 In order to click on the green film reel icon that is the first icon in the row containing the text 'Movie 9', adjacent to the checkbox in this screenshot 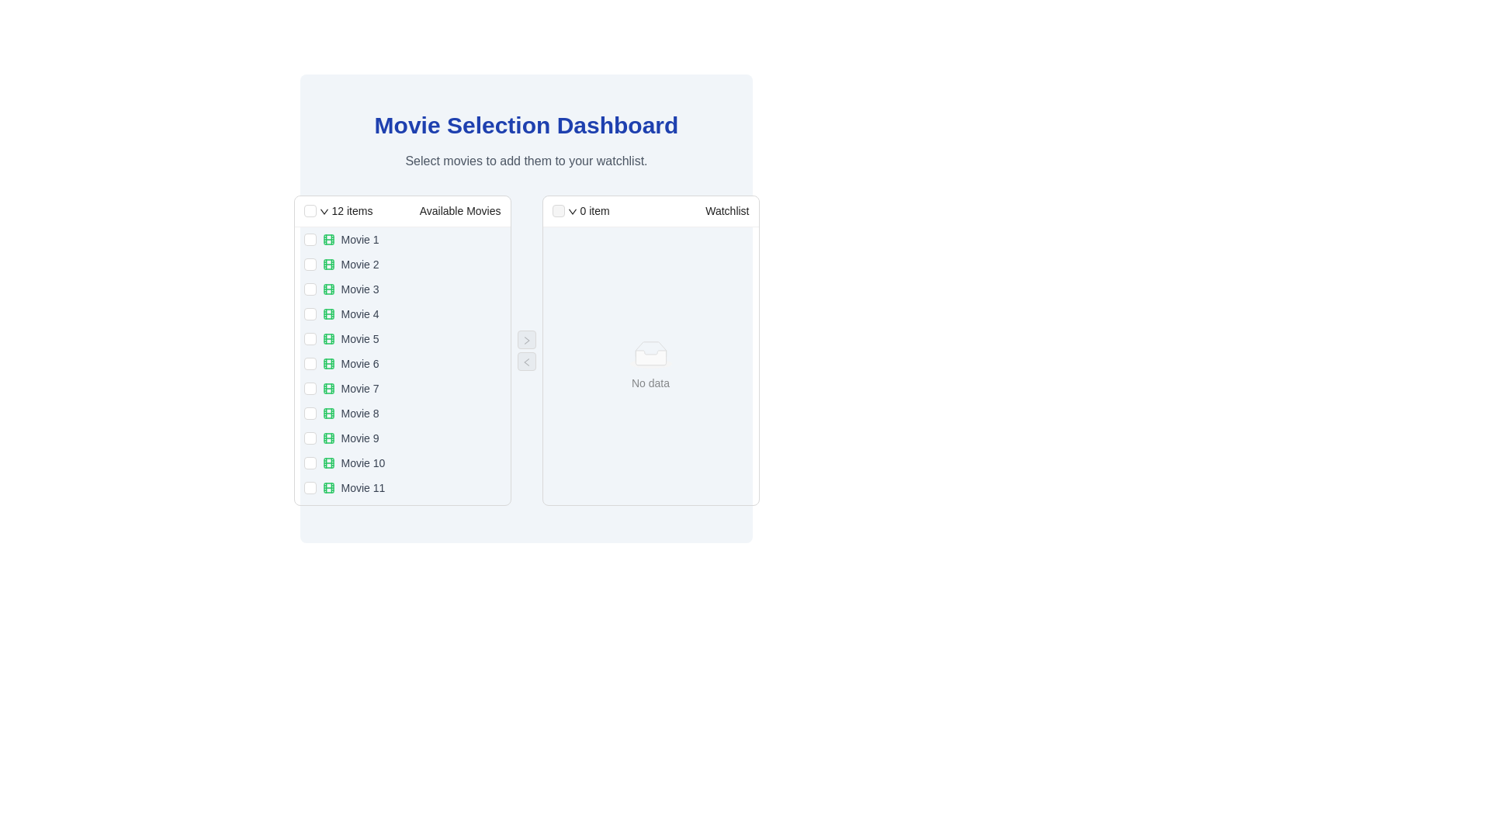, I will do `click(327, 438)`.